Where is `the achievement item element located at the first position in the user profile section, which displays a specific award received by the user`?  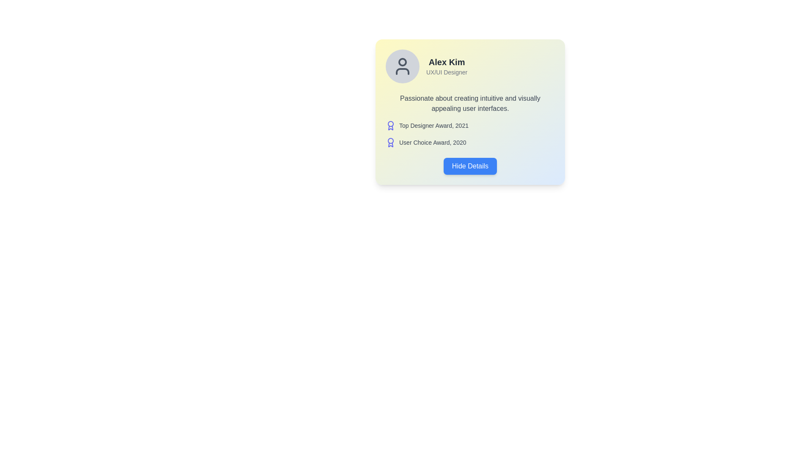 the achievement item element located at the first position in the user profile section, which displays a specific award received by the user is located at coordinates (470, 126).